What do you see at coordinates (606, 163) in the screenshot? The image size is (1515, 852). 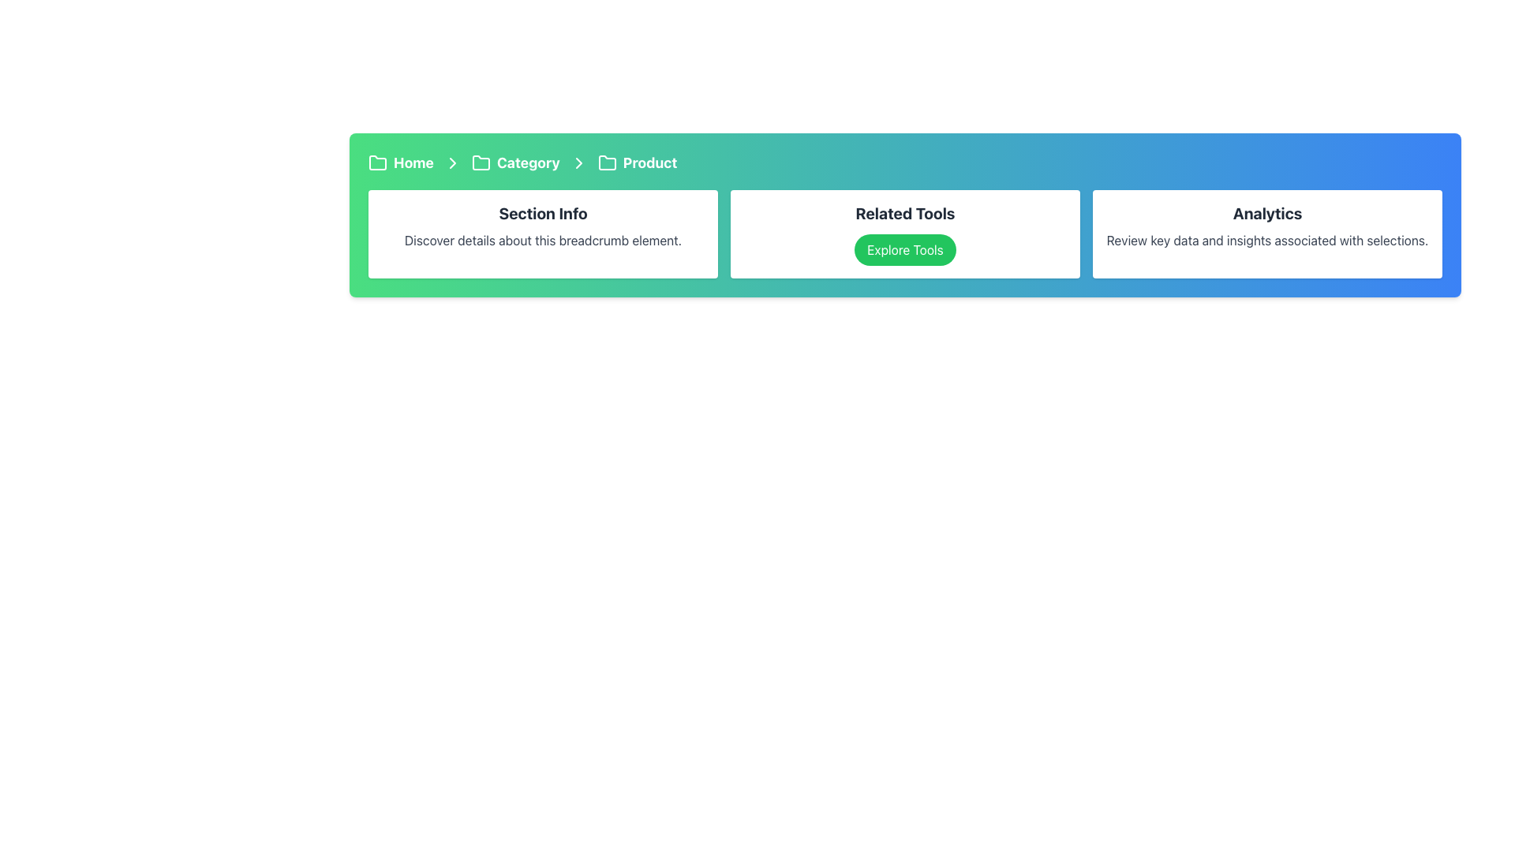 I see `the second folder icon in the breadcrumb navigation bar, located between the 'Home' label and 'Category'` at bounding box center [606, 163].